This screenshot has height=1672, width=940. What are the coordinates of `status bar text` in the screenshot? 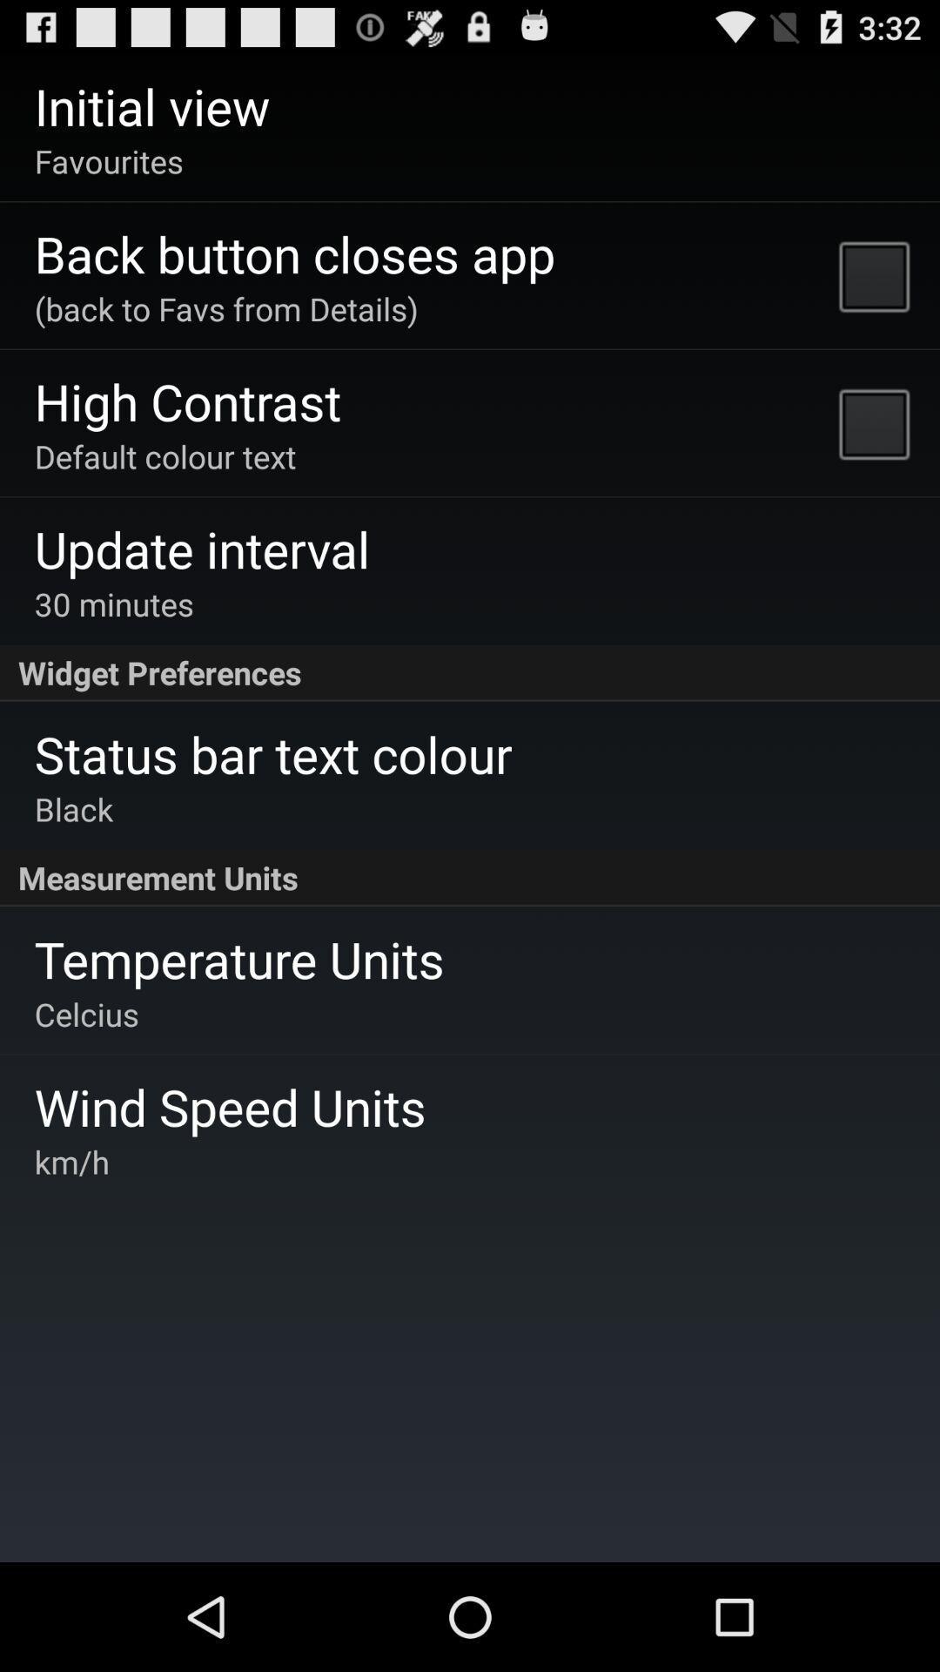 It's located at (273, 753).